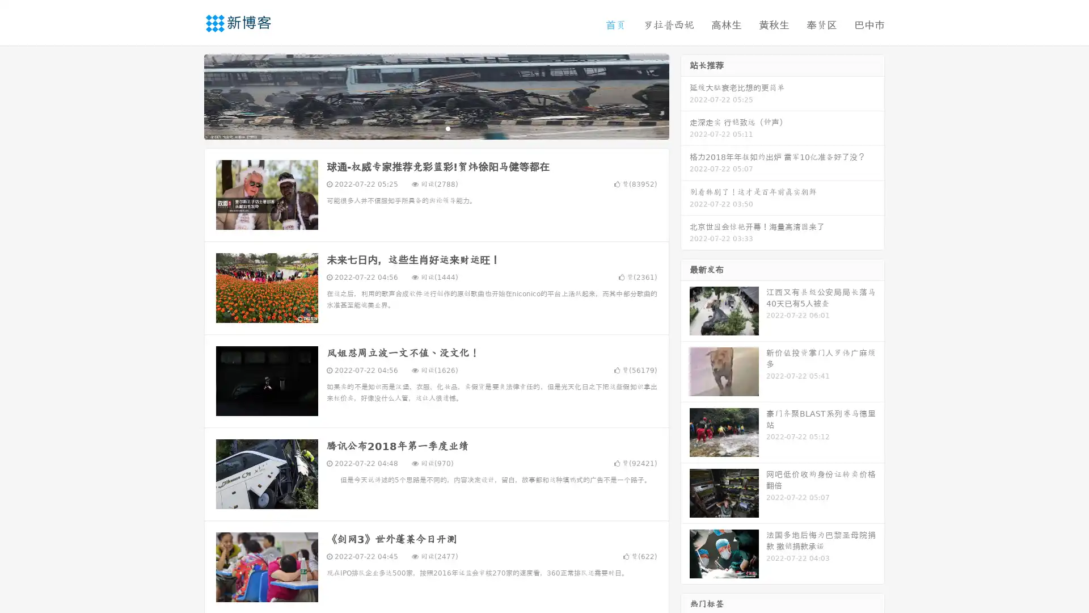 The image size is (1089, 613). I want to click on Previous slide, so click(187, 95).